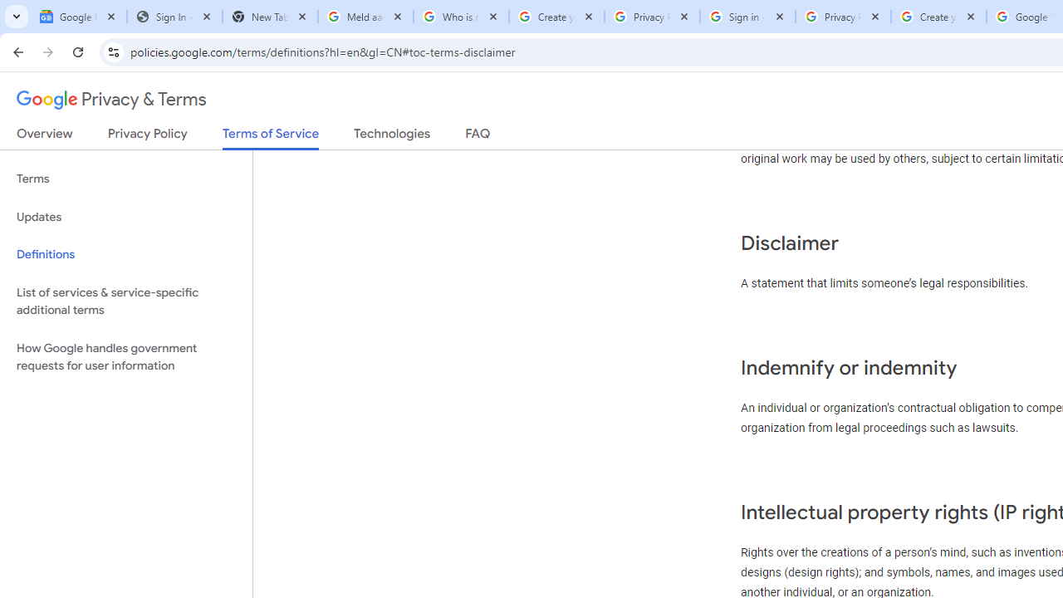 This screenshot has height=598, width=1063. I want to click on 'FAQ', so click(478, 136).